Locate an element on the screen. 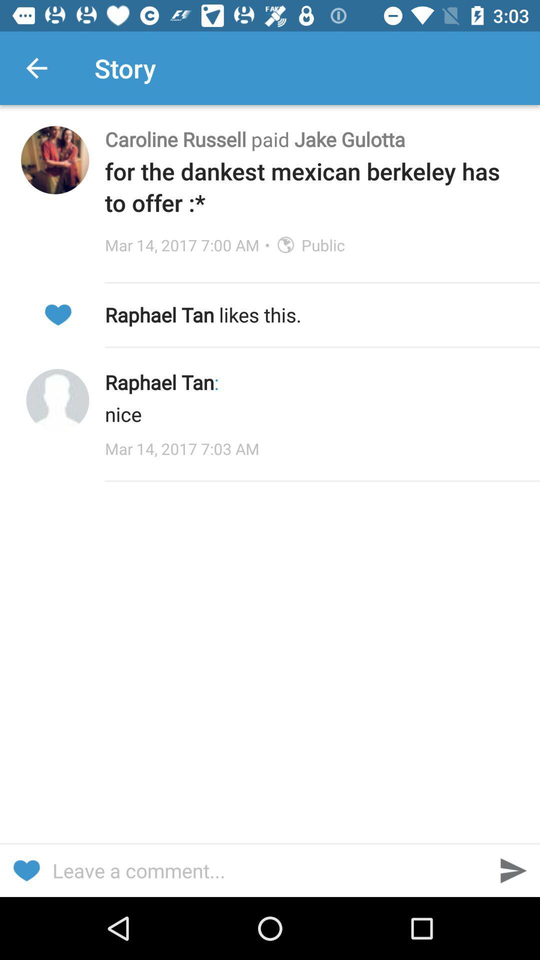 This screenshot has width=540, height=960. the item to the left of the story icon is located at coordinates (36, 67).